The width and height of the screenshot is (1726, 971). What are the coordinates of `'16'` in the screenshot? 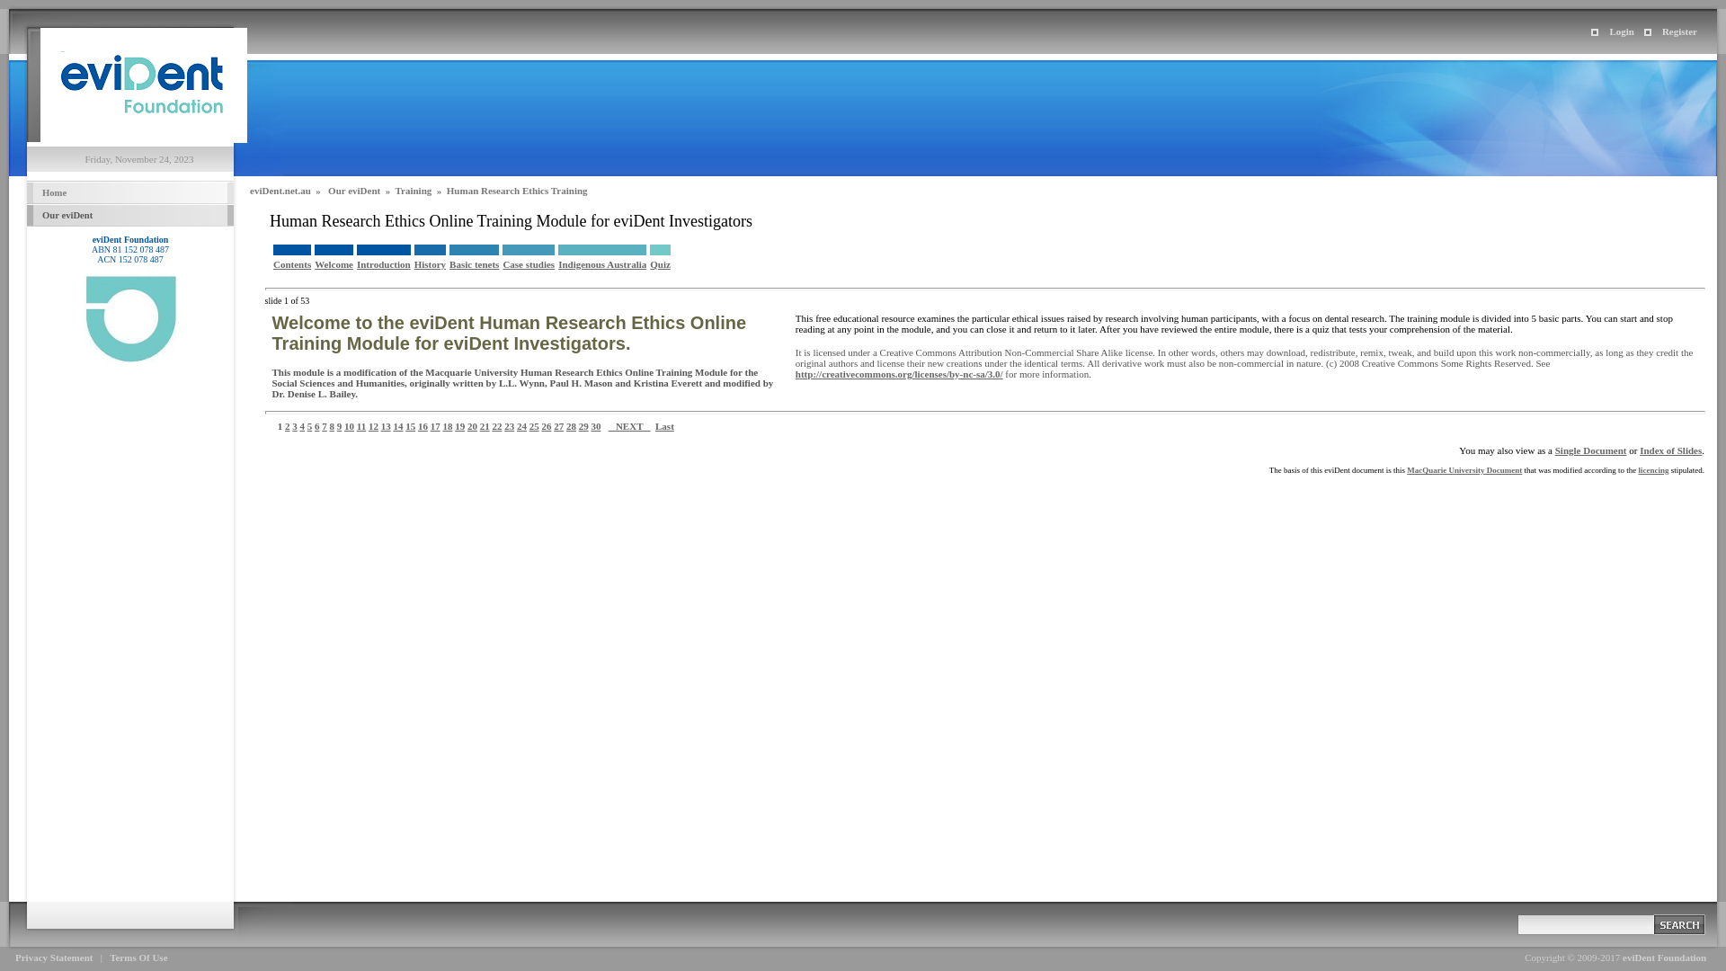 It's located at (422, 426).